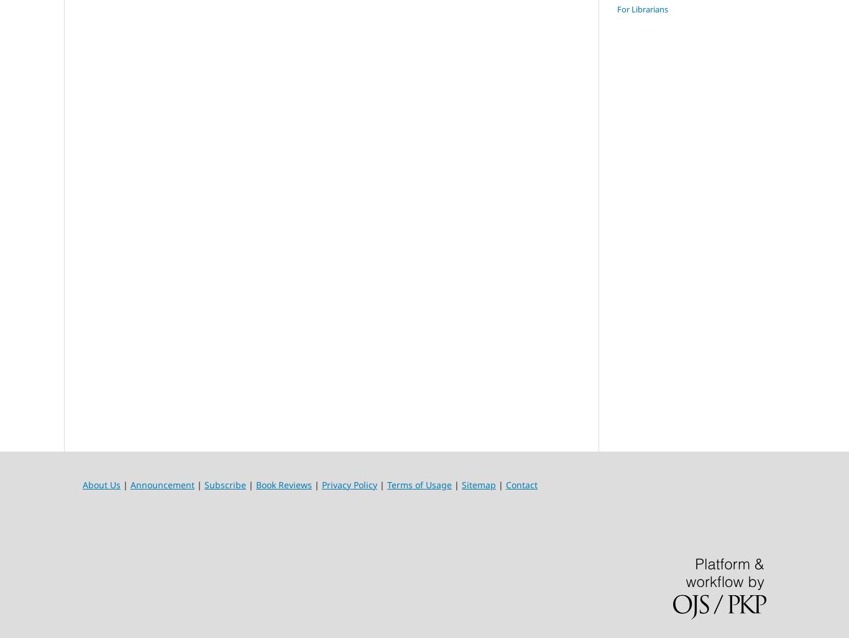 The height and width of the screenshot is (638, 849). What do you see at coordinates (224, 484) in the screenshot?
I see `'Subscribe'` at bounding box center [224, 484].